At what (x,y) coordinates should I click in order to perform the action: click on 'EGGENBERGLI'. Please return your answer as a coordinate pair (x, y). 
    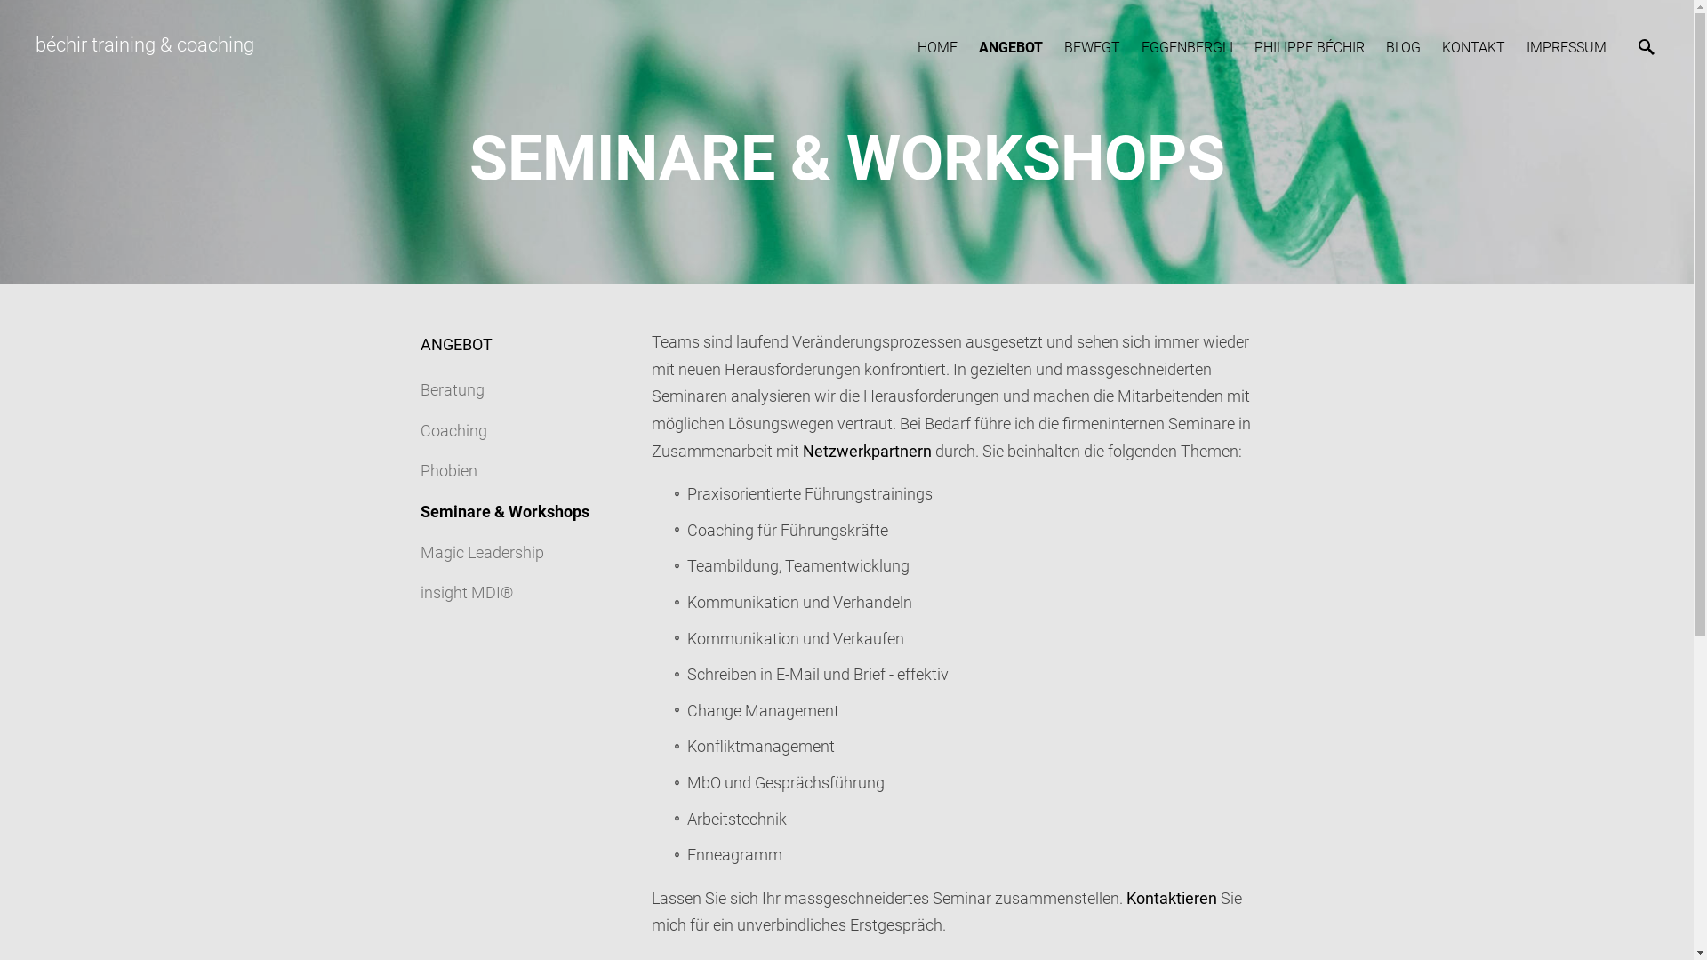
    Looking at the image, I should click on (1187, 46).